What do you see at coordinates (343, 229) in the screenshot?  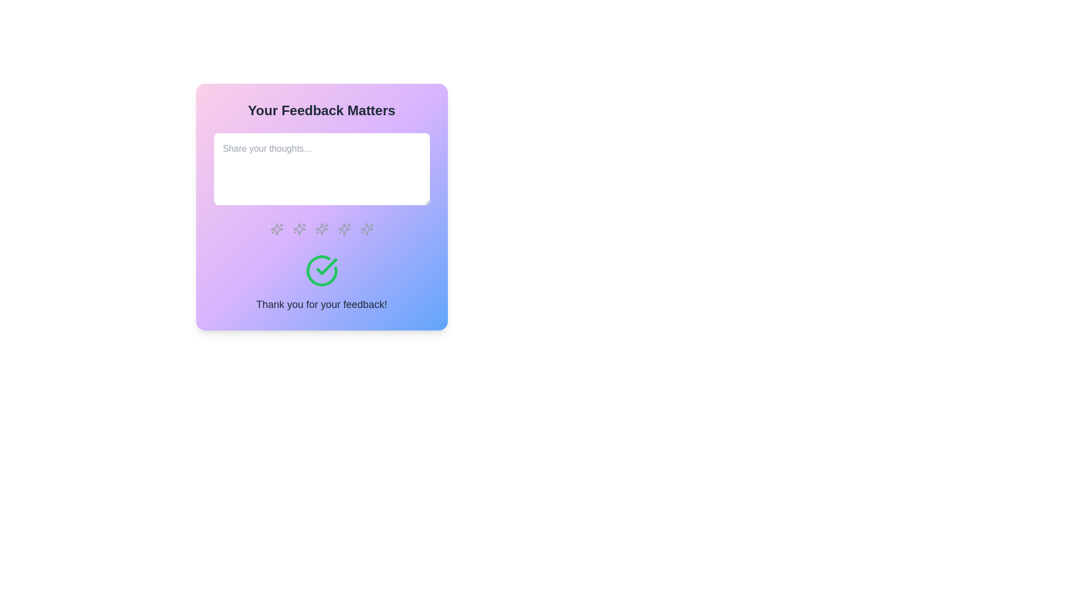 I see `the third star-shaped icon in the interactive rating system beneath the feedback text box` at bounding box center [343, 229].